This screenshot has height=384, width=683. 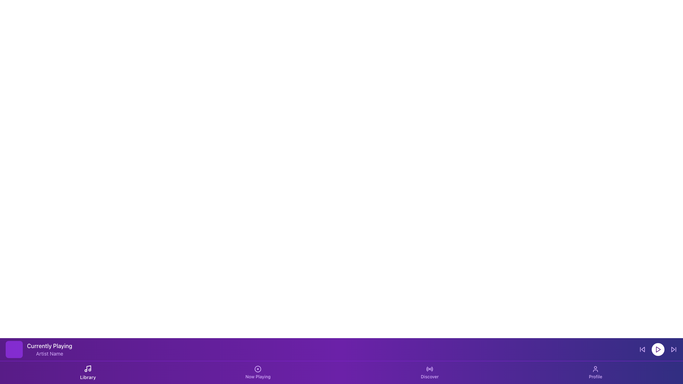 What do you see at coordinates (657, 349) in the screenshot?
I see `the play button located in the bottom navigation bar, near the right edge, between the forward-track and profile buttons` at bounding box center [657, 349].